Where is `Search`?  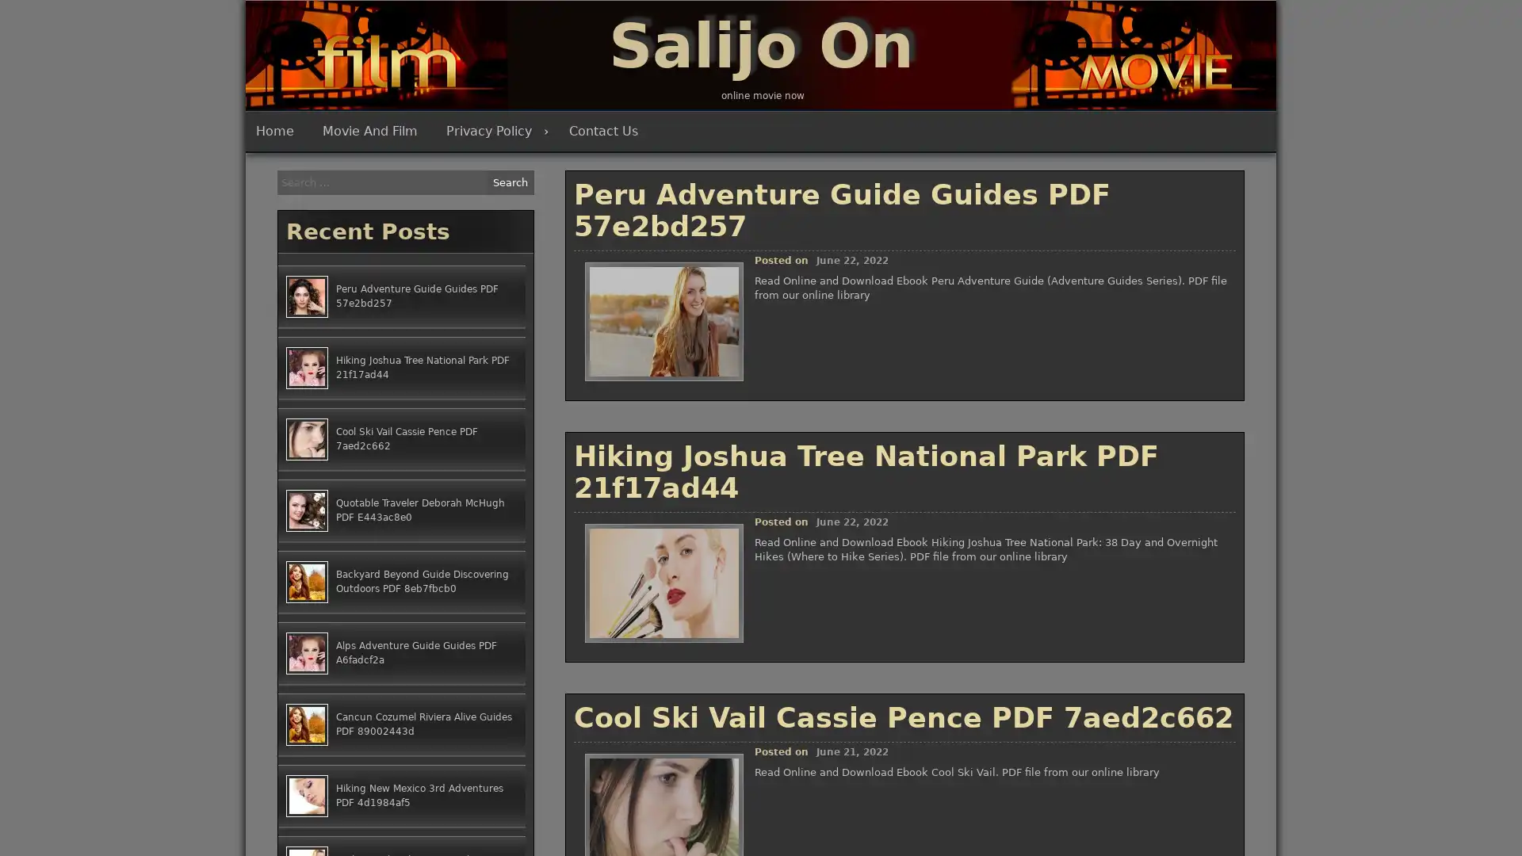 Search is located at coordinates (510, 182).